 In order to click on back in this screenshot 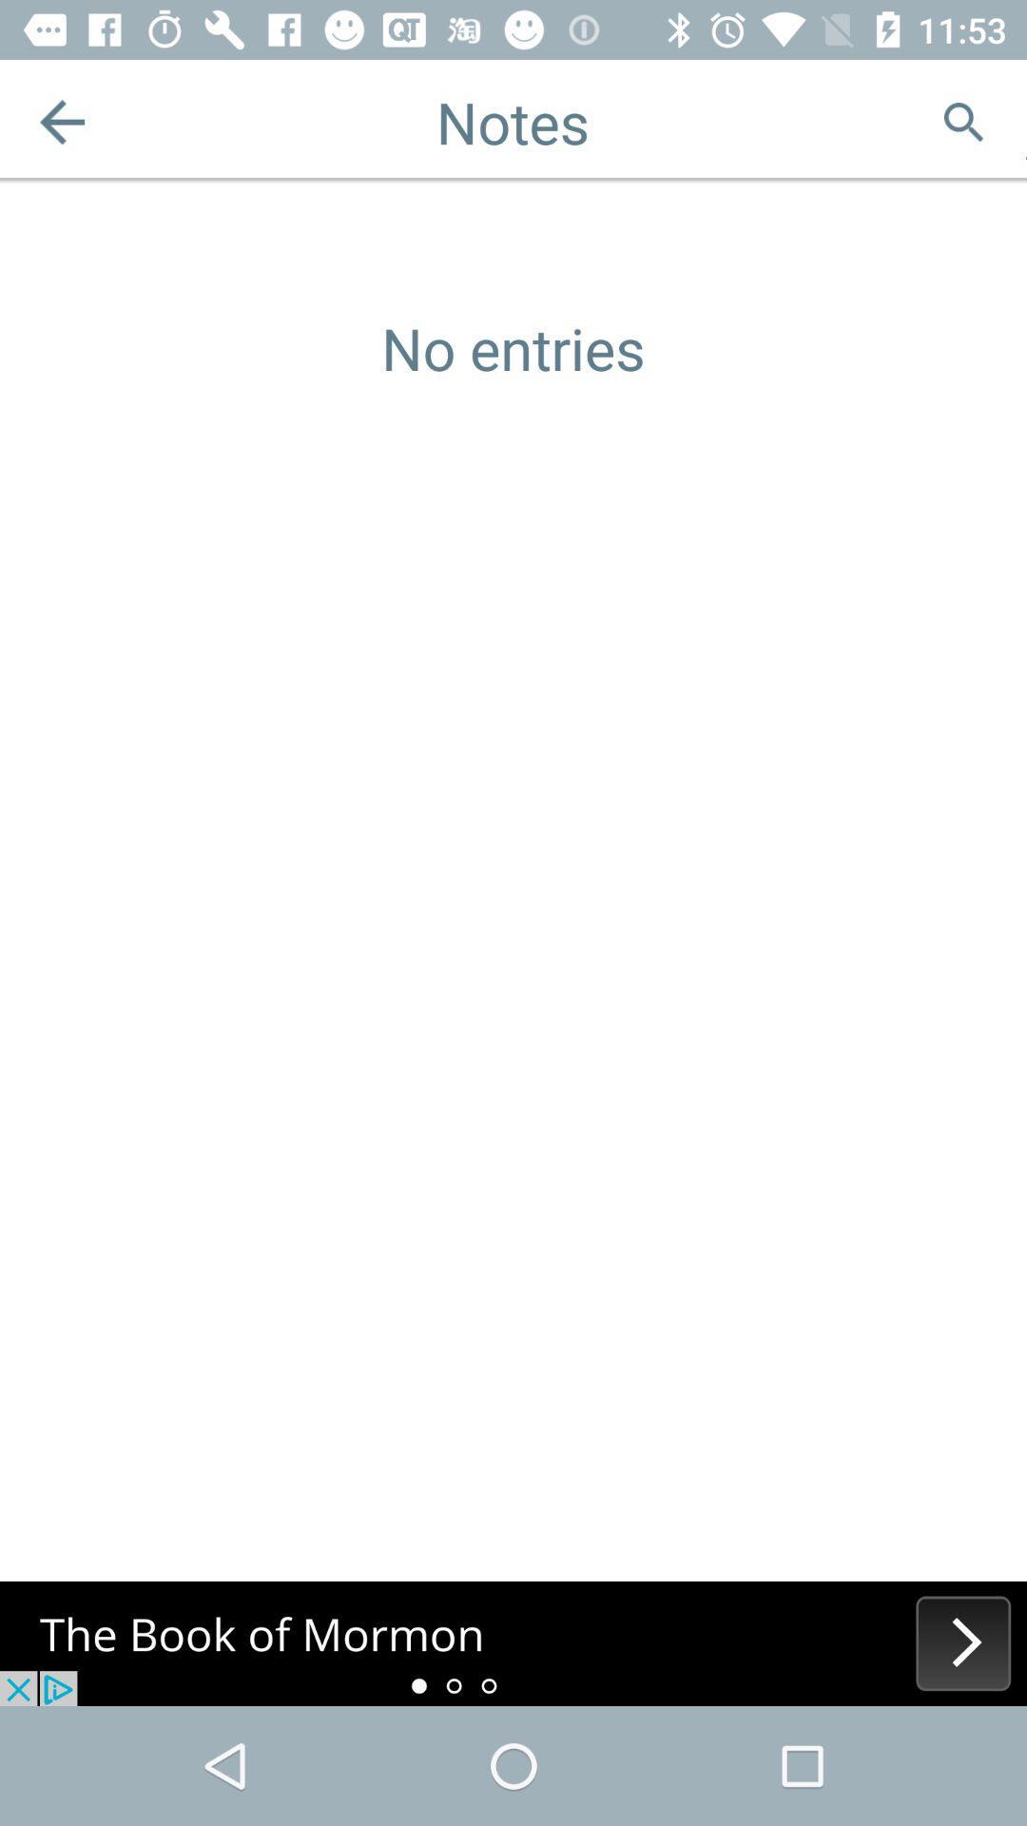, I will do `click(61, 121)`.